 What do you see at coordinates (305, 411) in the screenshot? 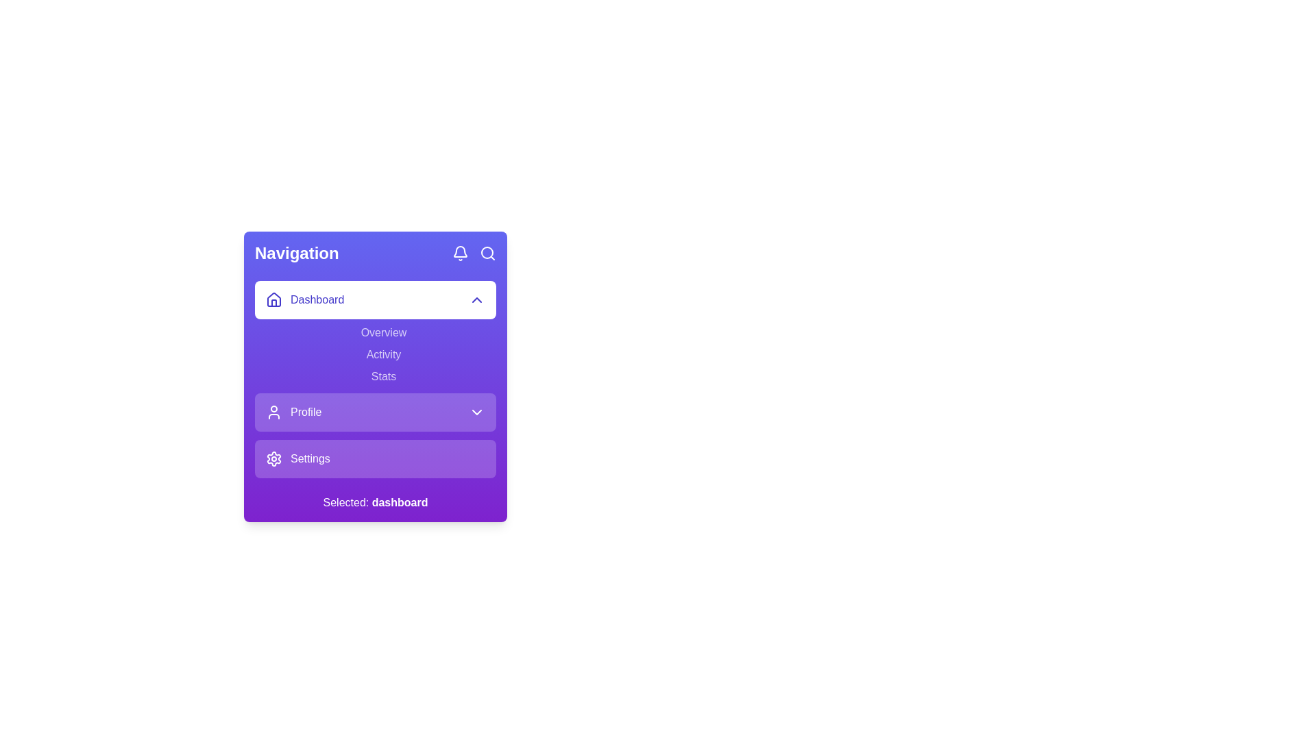
I see `the 'Profile' text label, which is bolded and positioned next to a user icon in the vertical navigation menu` at bounding box center [305, 411].